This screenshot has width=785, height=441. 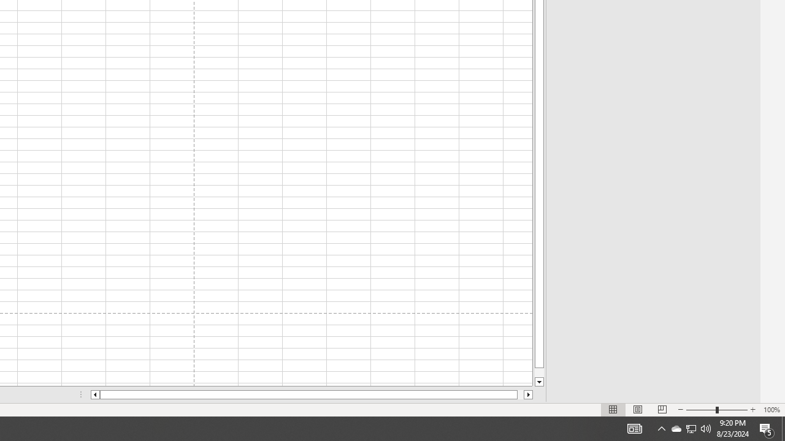 What do you see at coordinates (752, 410) in the screenshot?
I see `'Zoom In'` at bounding box center [752, 410].